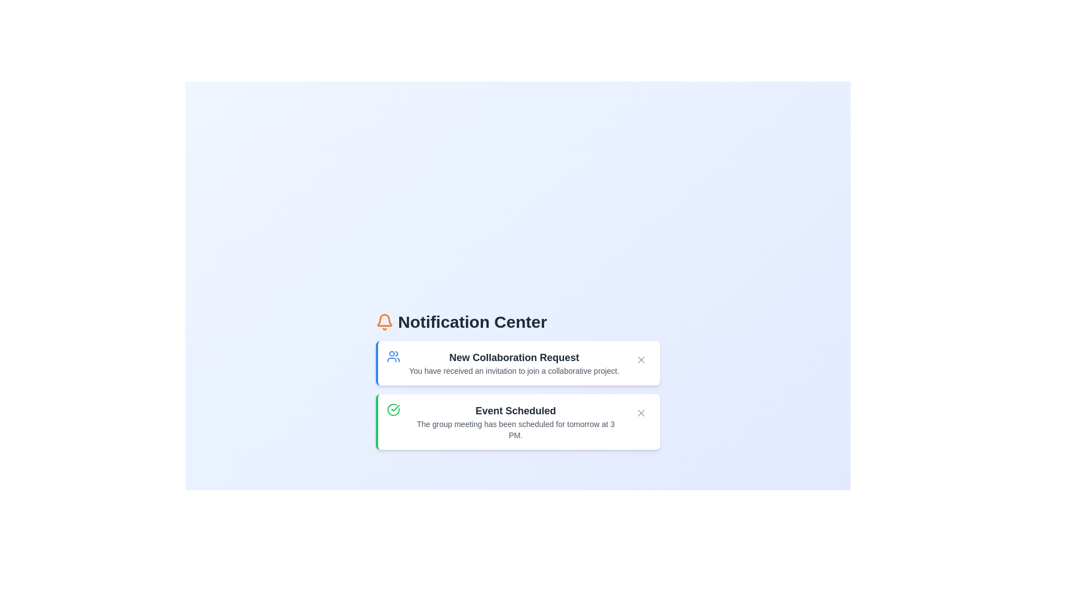 The width and height of the screenshot is (1066, 599). Describe the element at coordinates (641, 359) in the screenshot. I see `the close button icon located at the top-right corner of the notification box titled 'New Collaboration Request'` at that location.